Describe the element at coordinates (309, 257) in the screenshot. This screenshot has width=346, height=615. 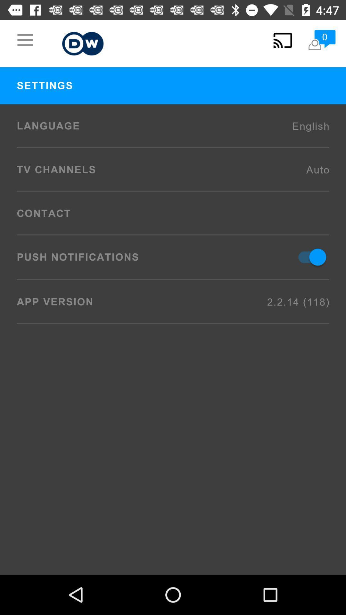
I see `the icon on the right` at that location.